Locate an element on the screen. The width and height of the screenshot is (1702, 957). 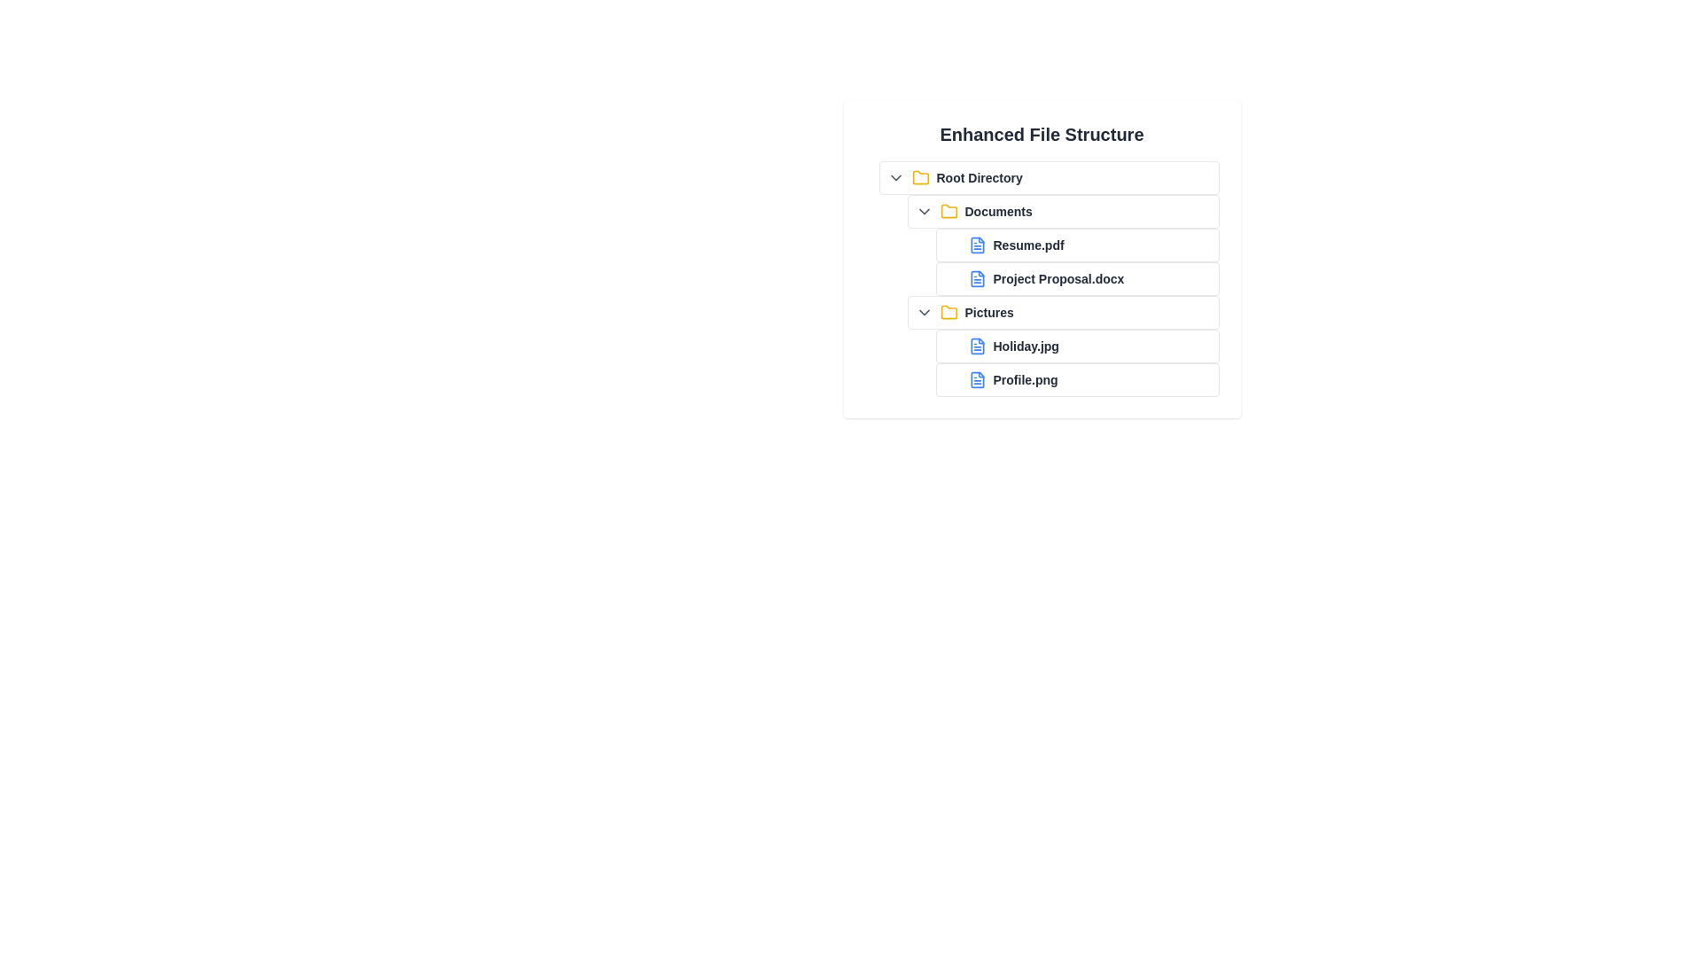
the 'Project Proposal.docx' file entry icon and label located in the 'Documents' folder under 'Root Directory' is located at coordinates (1076, 279).